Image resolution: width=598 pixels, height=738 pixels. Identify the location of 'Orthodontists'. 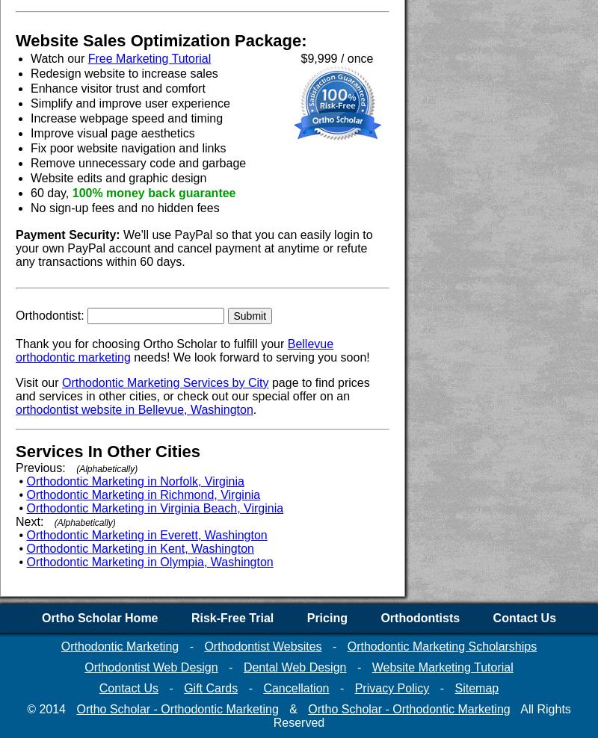
(420, 618).